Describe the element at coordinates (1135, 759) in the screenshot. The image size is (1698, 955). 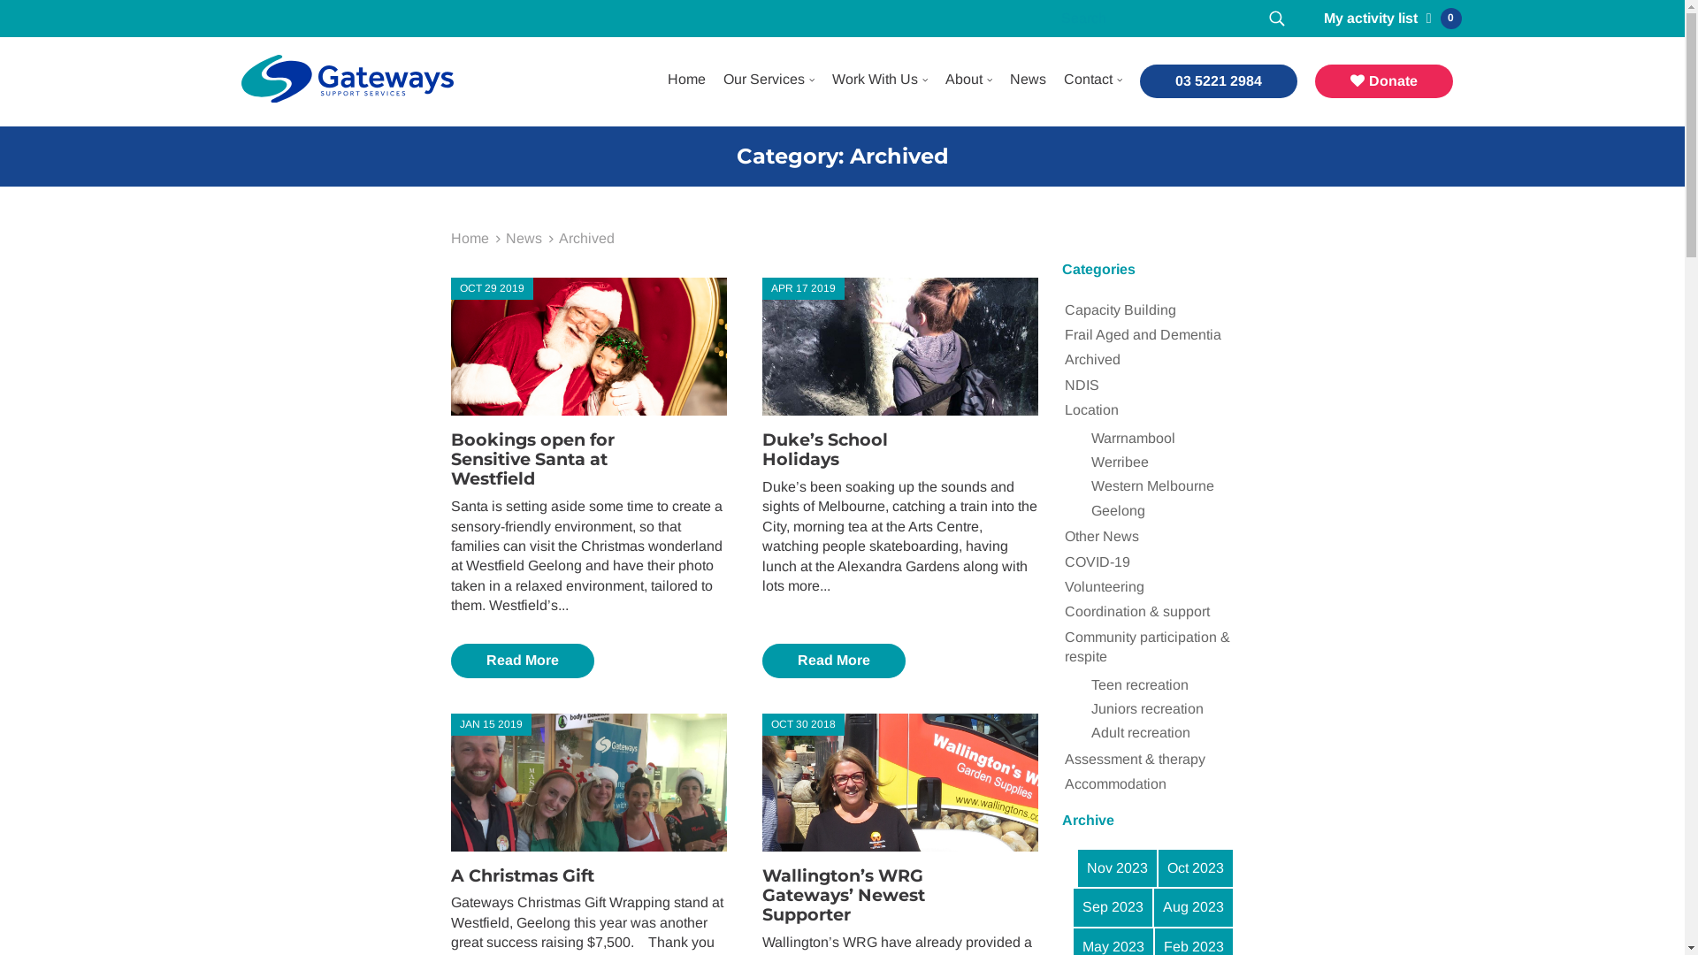
I see `'Assessment & therapy'` at that location.